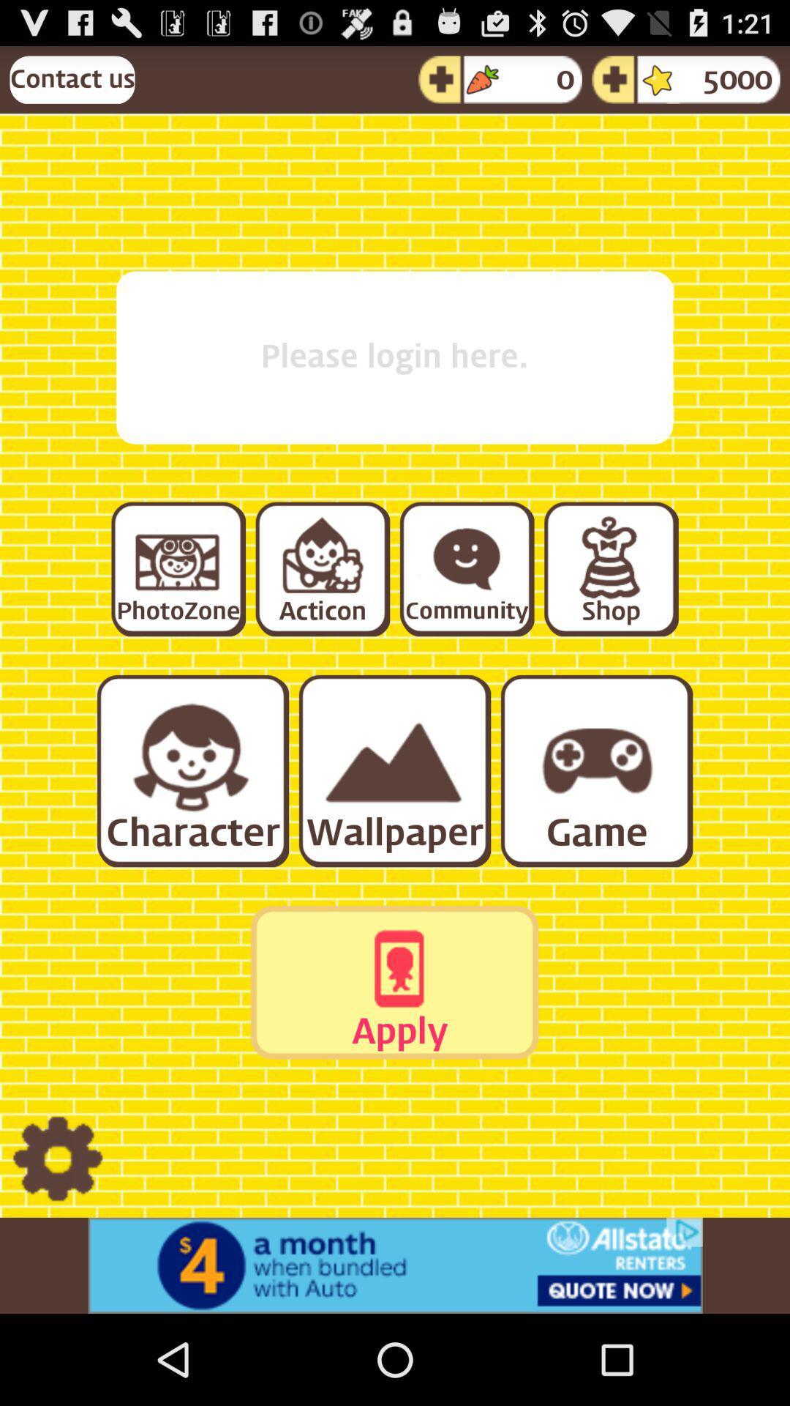 The width and height of the screenshot is (790, 1406). What do you see at coordinates (595, 769) in the screenshot?
I see `switch to game option` at bounding box center [595, 769].